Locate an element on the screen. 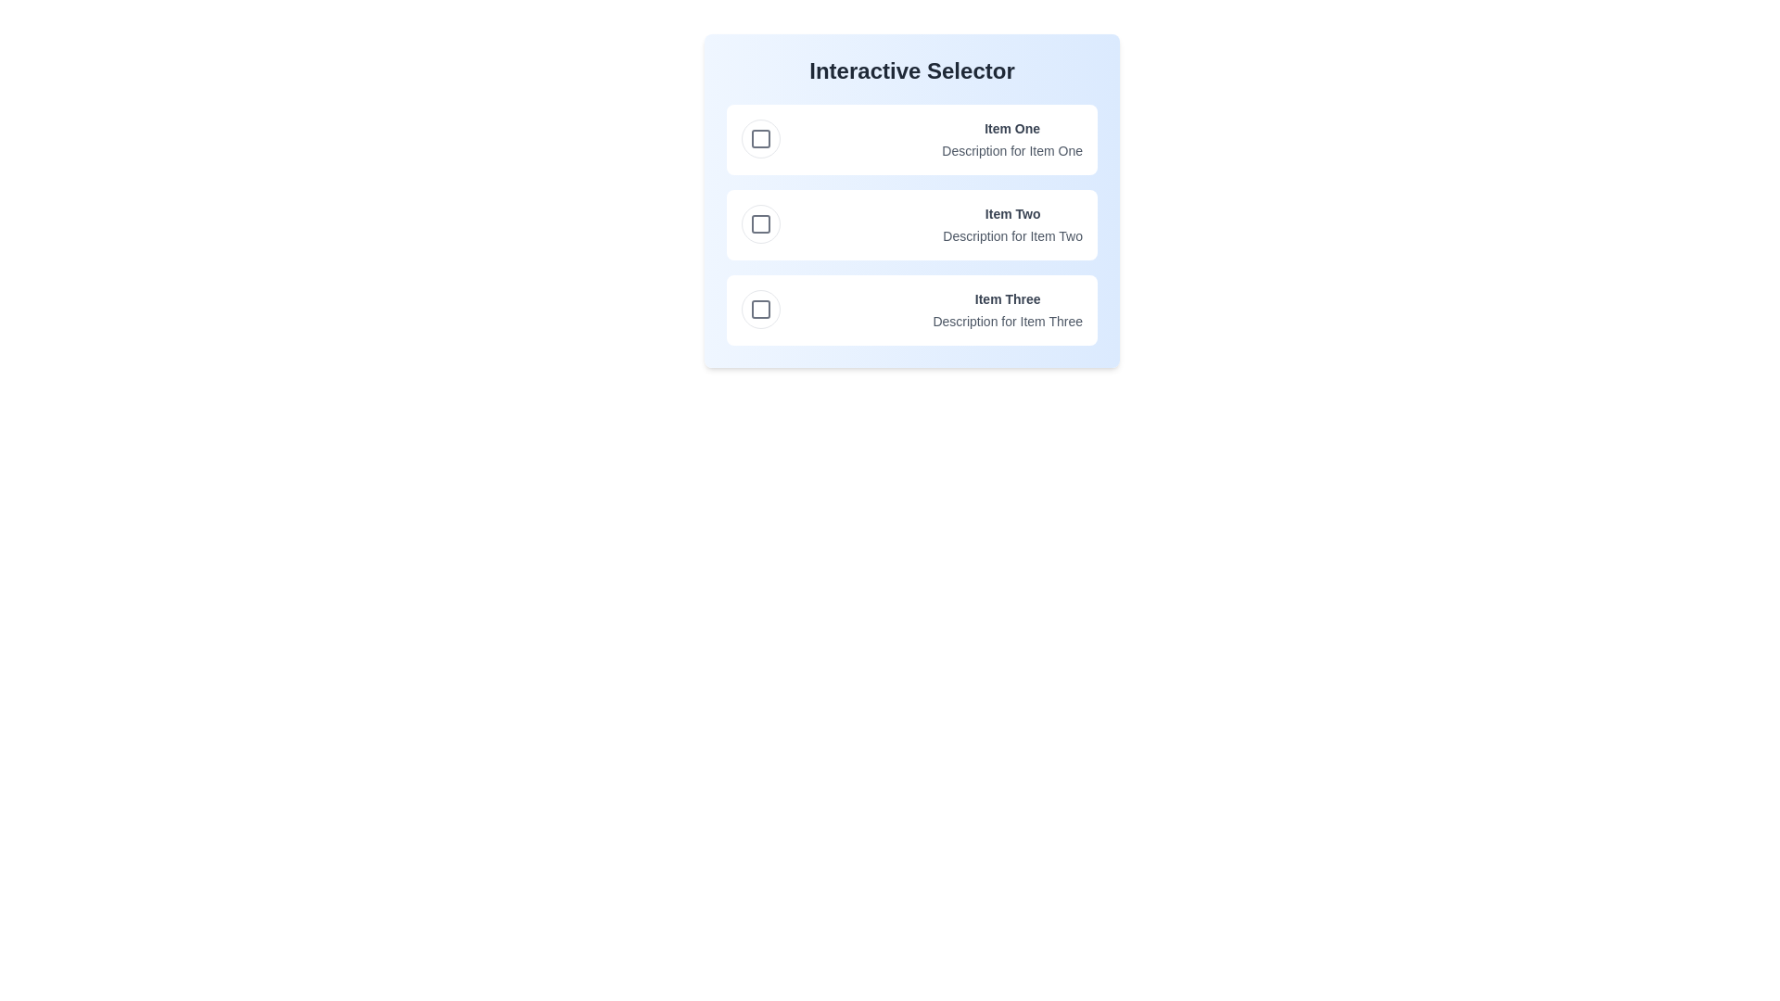  the first square checkbox-style icon in the interactive selector panel next to 'Item One' is located at coordinates (760, 138).